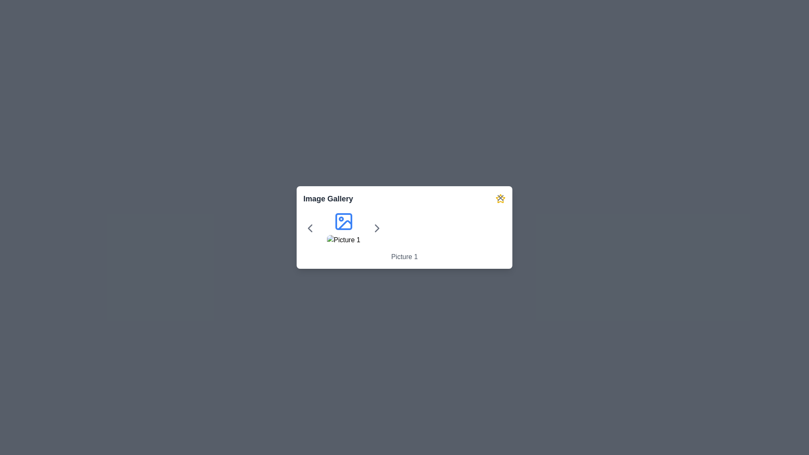 The width and height of the screenshot is (809, 455). I want to click on the yellow star-shaped SVG icon located at the top-right corner of the Image Gallery interface, so click(501, 198).